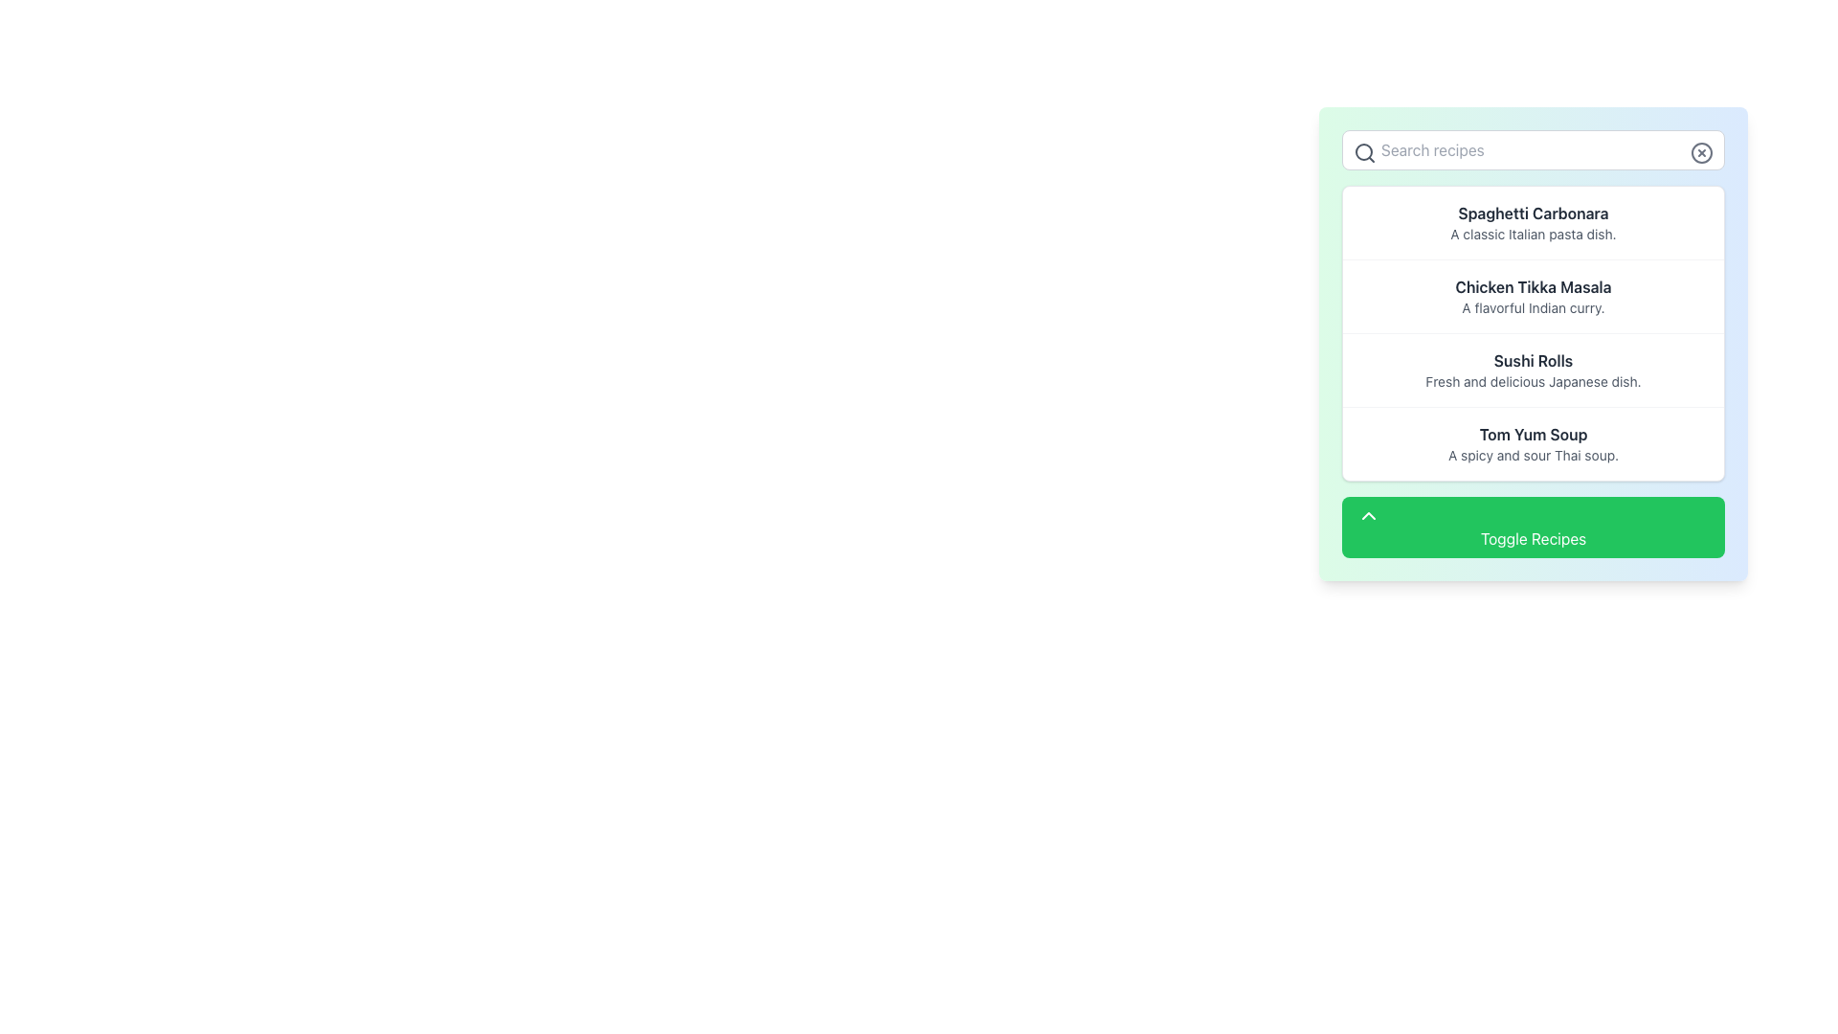  I want to click on the search icon styled as a magnifying glass located in the top left corner of the 'Search recipes' input box, so click(1363, 151).